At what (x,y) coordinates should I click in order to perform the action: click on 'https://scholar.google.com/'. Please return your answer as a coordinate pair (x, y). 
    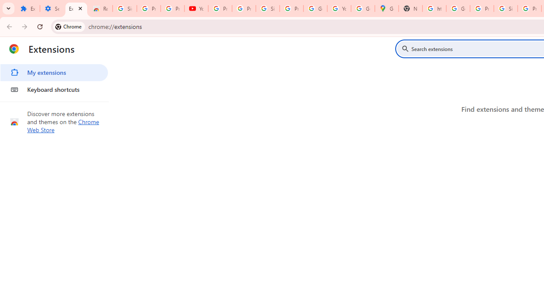
    Looking at the image, I should click on (434, 8).